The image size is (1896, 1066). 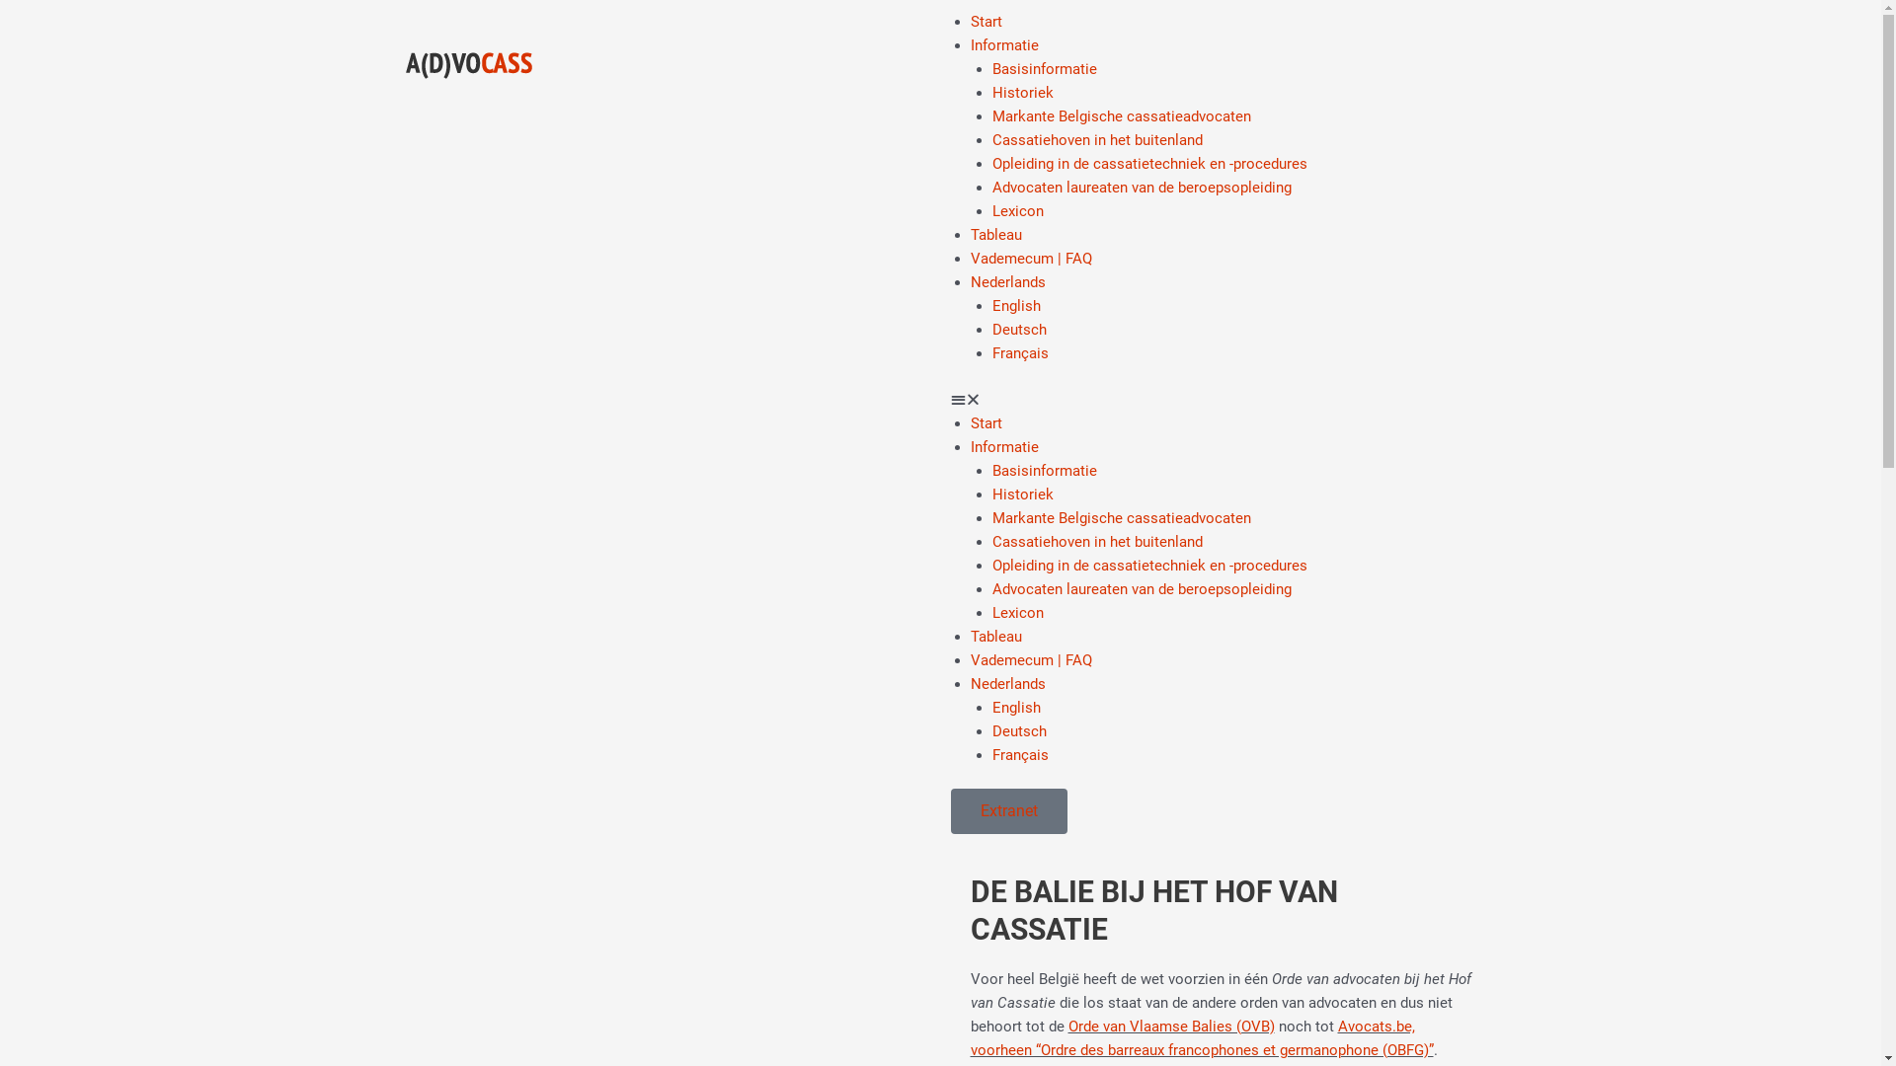 I want to click on 'Historiek', so click(x=1023, y=92).